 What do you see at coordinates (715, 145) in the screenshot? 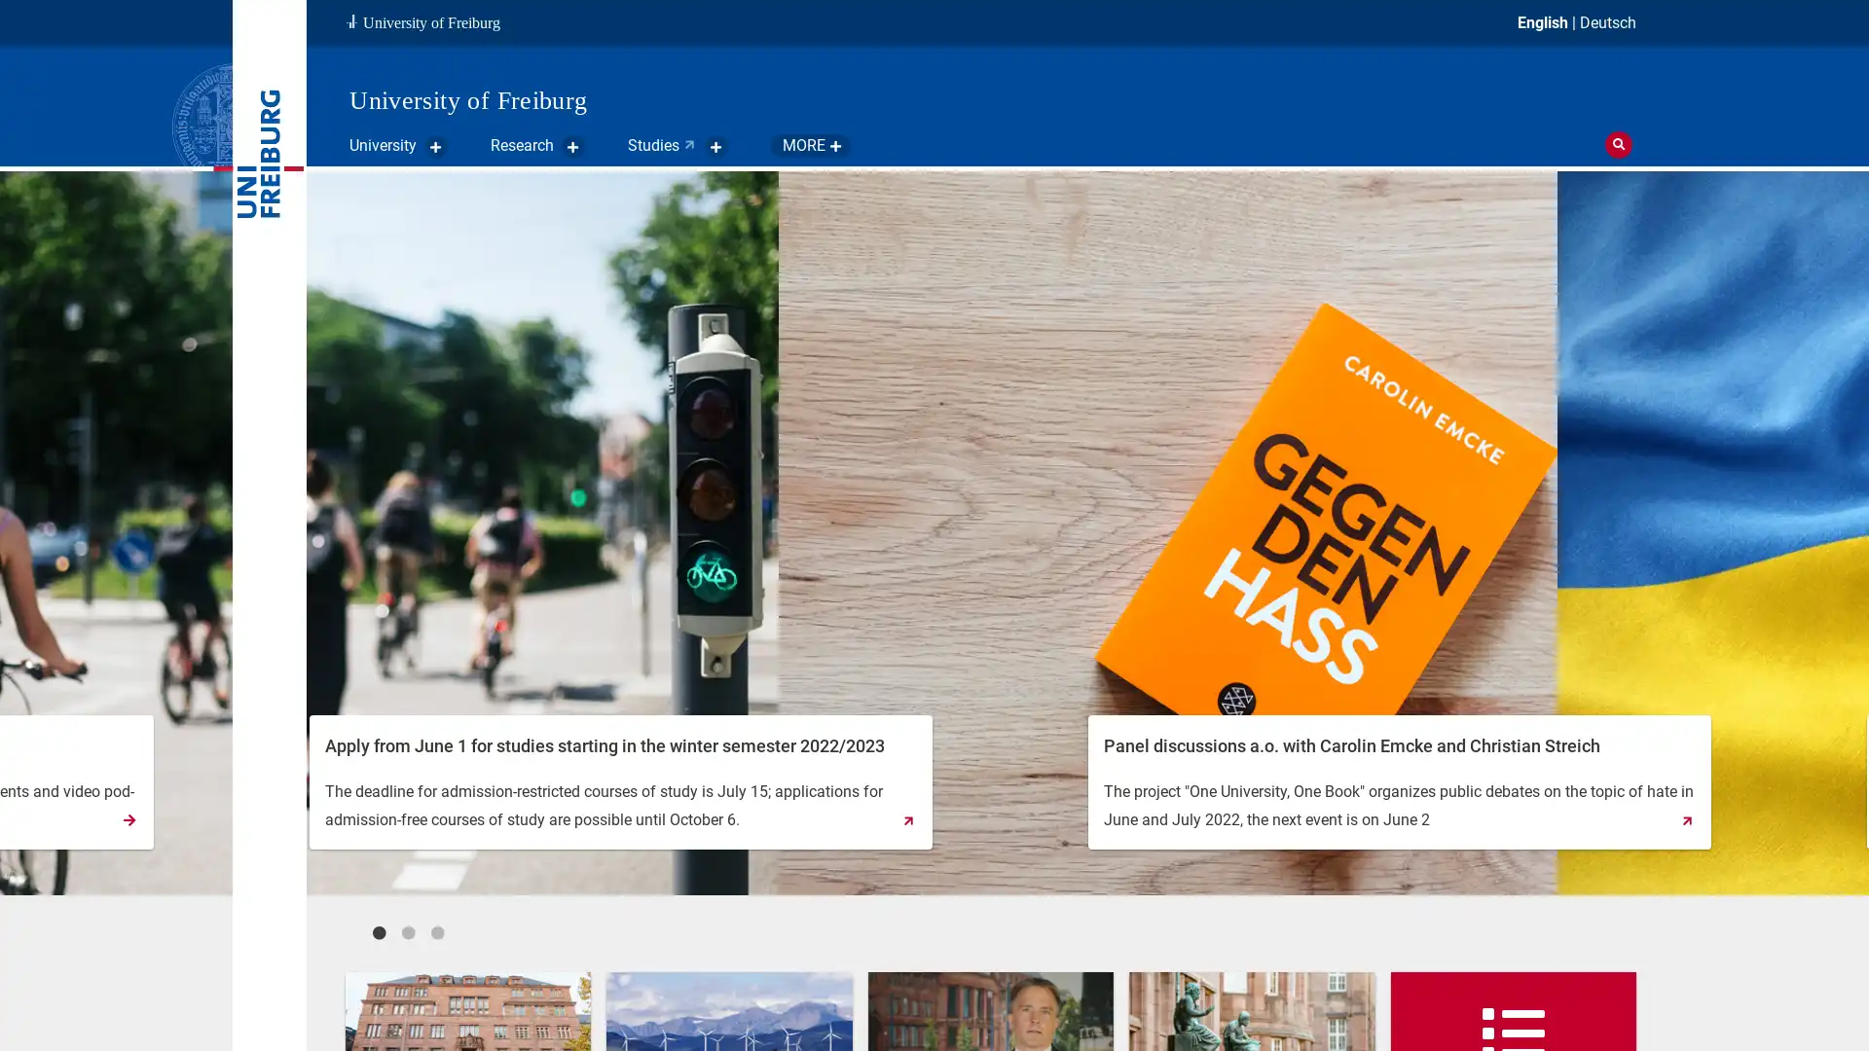
I see `Open submenu` at bounding box center [715, 145].